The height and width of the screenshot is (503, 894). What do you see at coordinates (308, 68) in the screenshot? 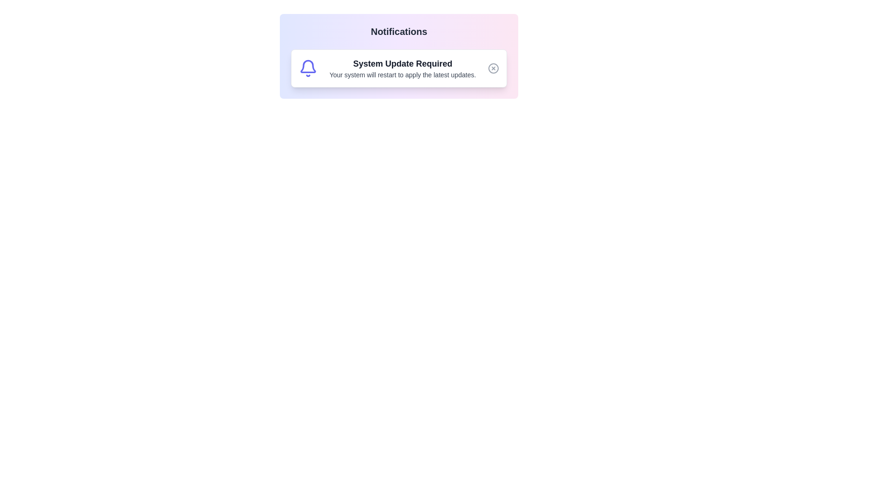
I see `the bell icon representing notifications, which is indigo in color and located next to the text 'System Update Required' in a notification card` at bounding box center [308, 68].